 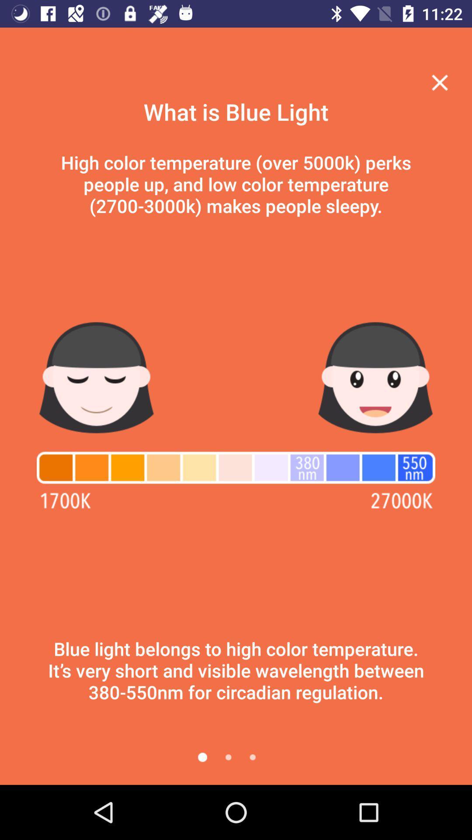 What do you see at coordinates (440, 82) in the screenshot?
I see `window` at bounding box center [440, 82].